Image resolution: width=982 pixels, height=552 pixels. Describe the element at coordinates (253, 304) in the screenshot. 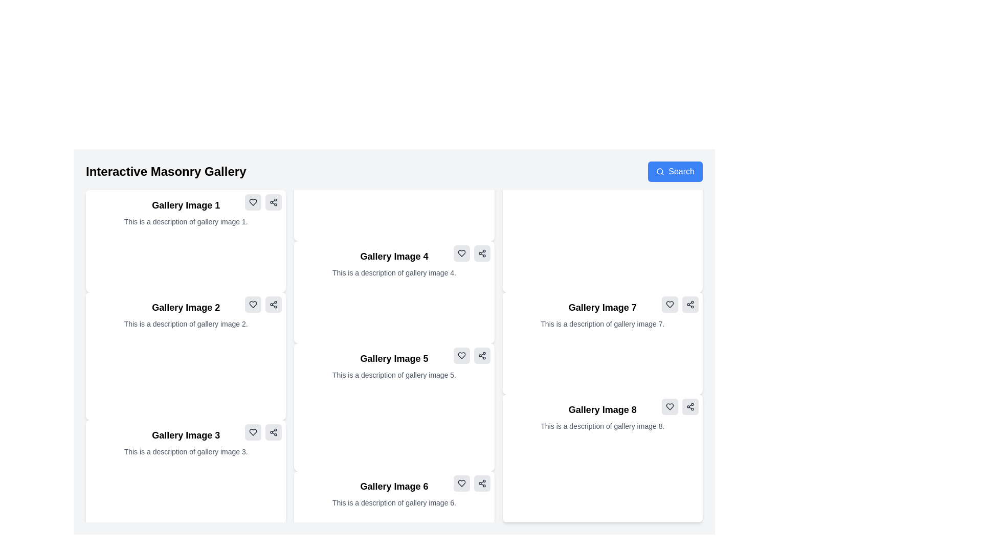

I see `the heart icon located in the upper-right corner of the 'Gallery Image 2' card to like or favorite the item` at that location.